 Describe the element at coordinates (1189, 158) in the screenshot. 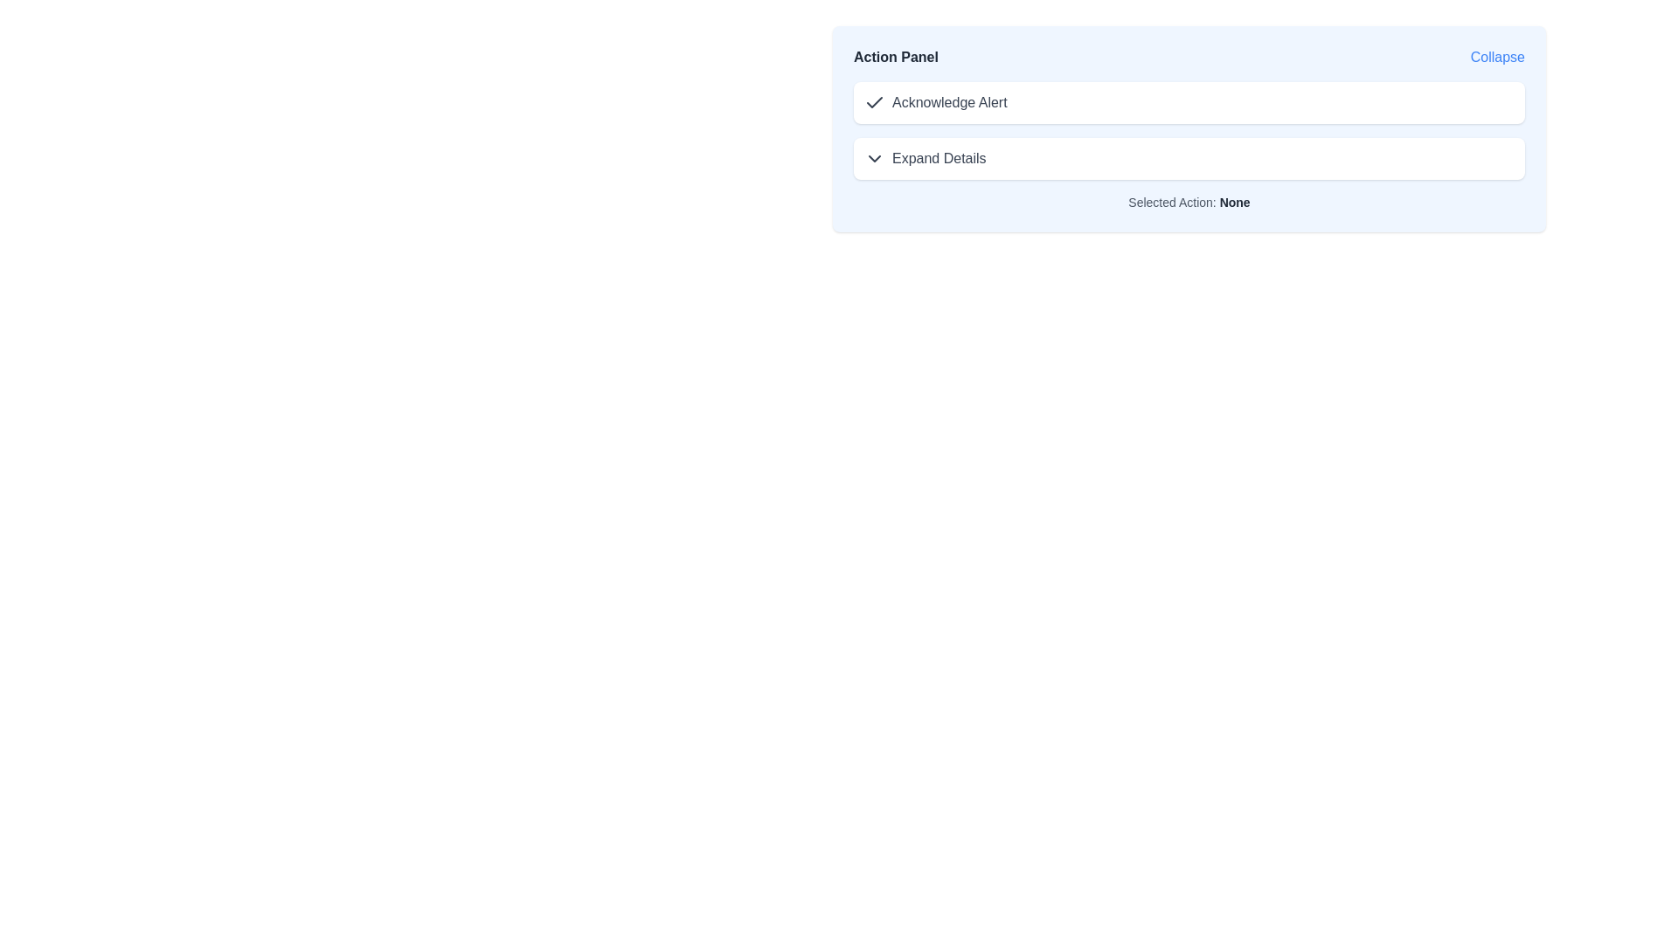

I see `the expandable button located below the 'Acknowledge Alert' button` at that location.